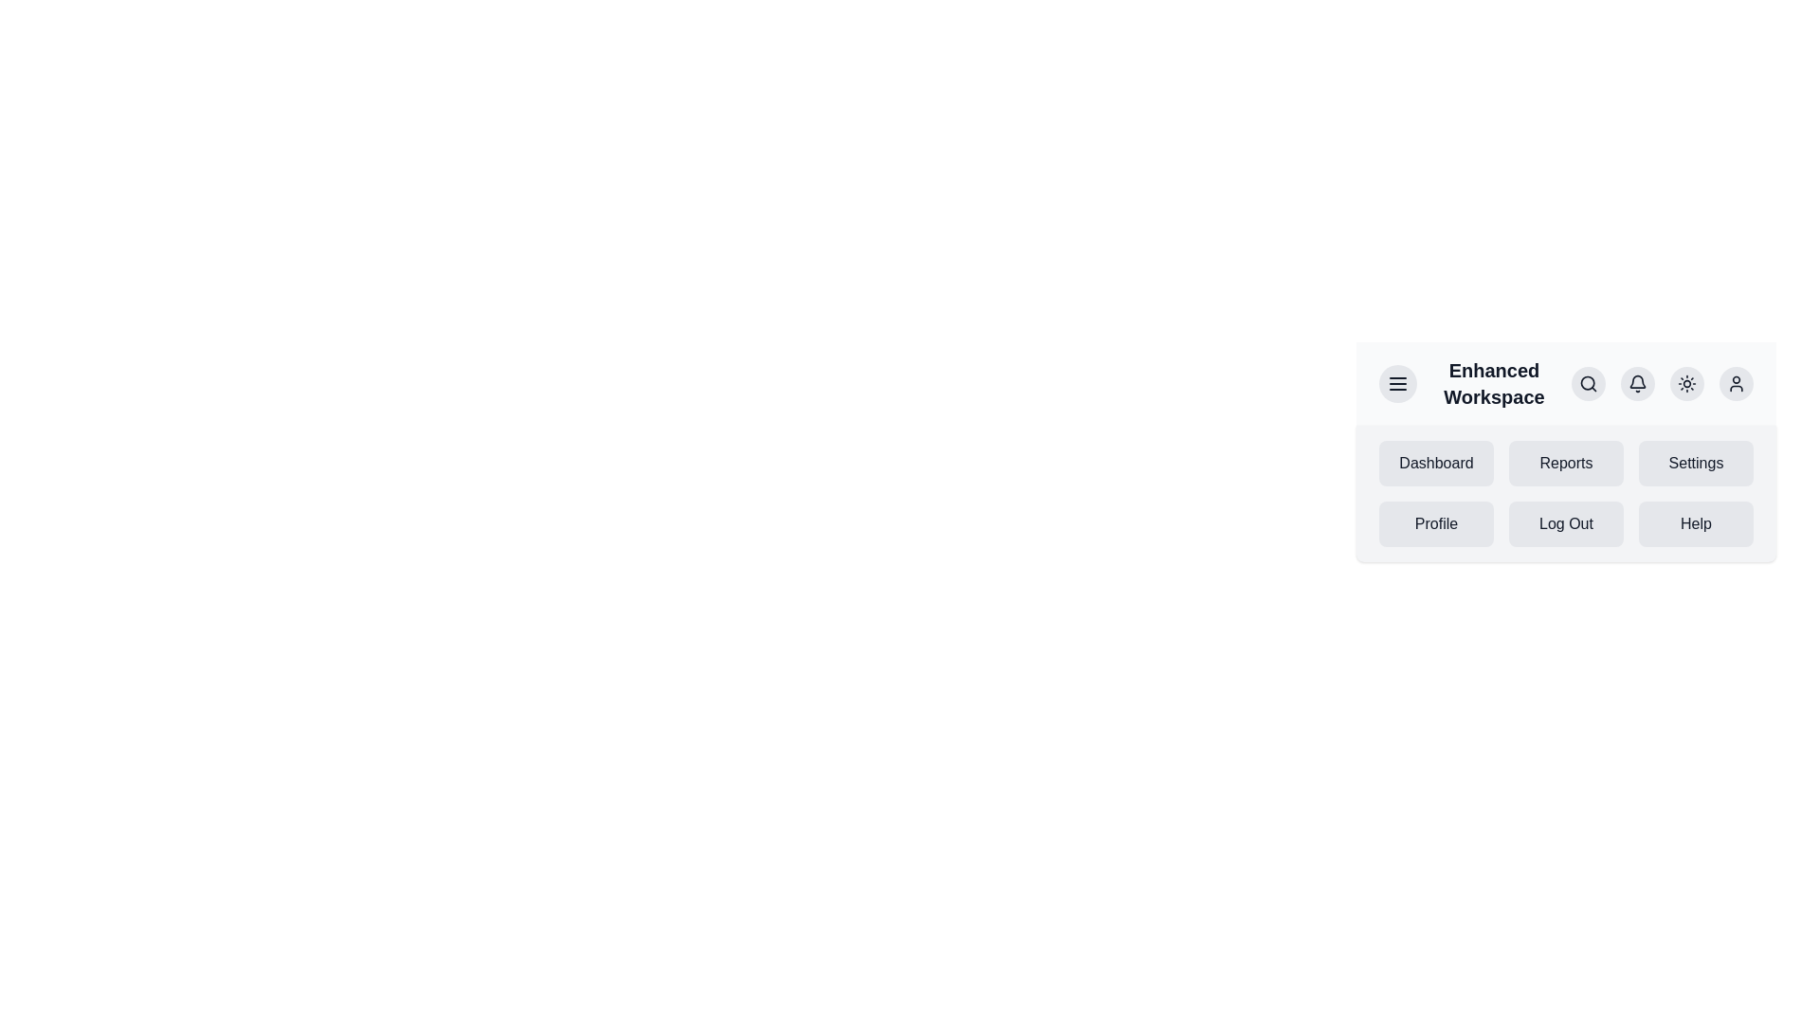 The width and height of the screenshot is (1820, 1024). I want to click on the user icon button to access user-related options, so click(1737, 384).